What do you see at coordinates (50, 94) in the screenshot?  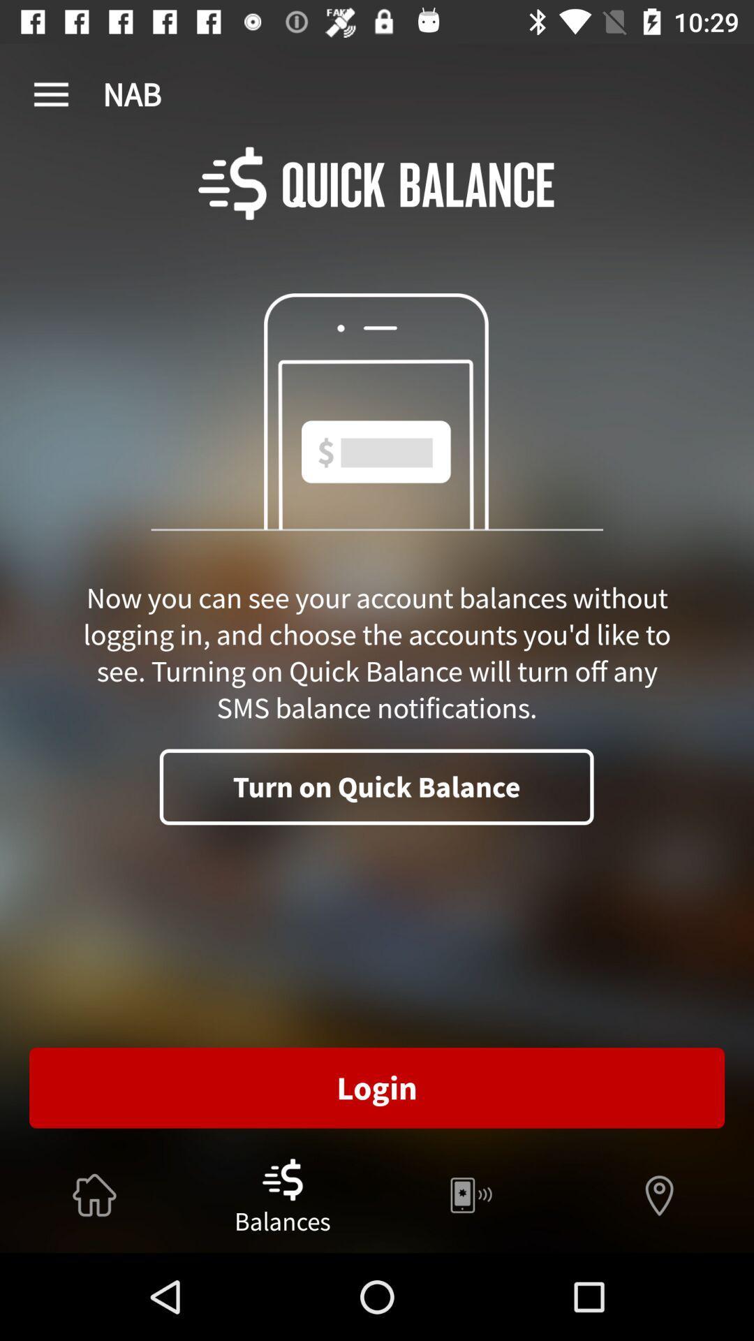 I see `app to the left of nab` at bounding box center [50, 94].